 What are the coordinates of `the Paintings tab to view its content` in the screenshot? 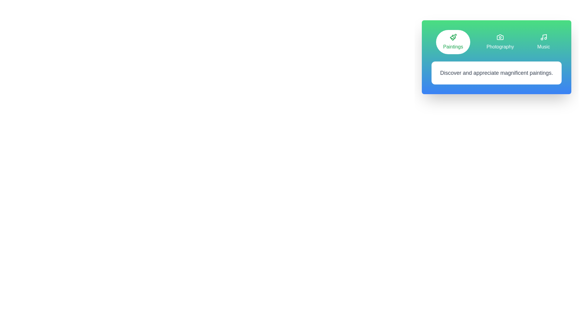 It's located at (453, 41).